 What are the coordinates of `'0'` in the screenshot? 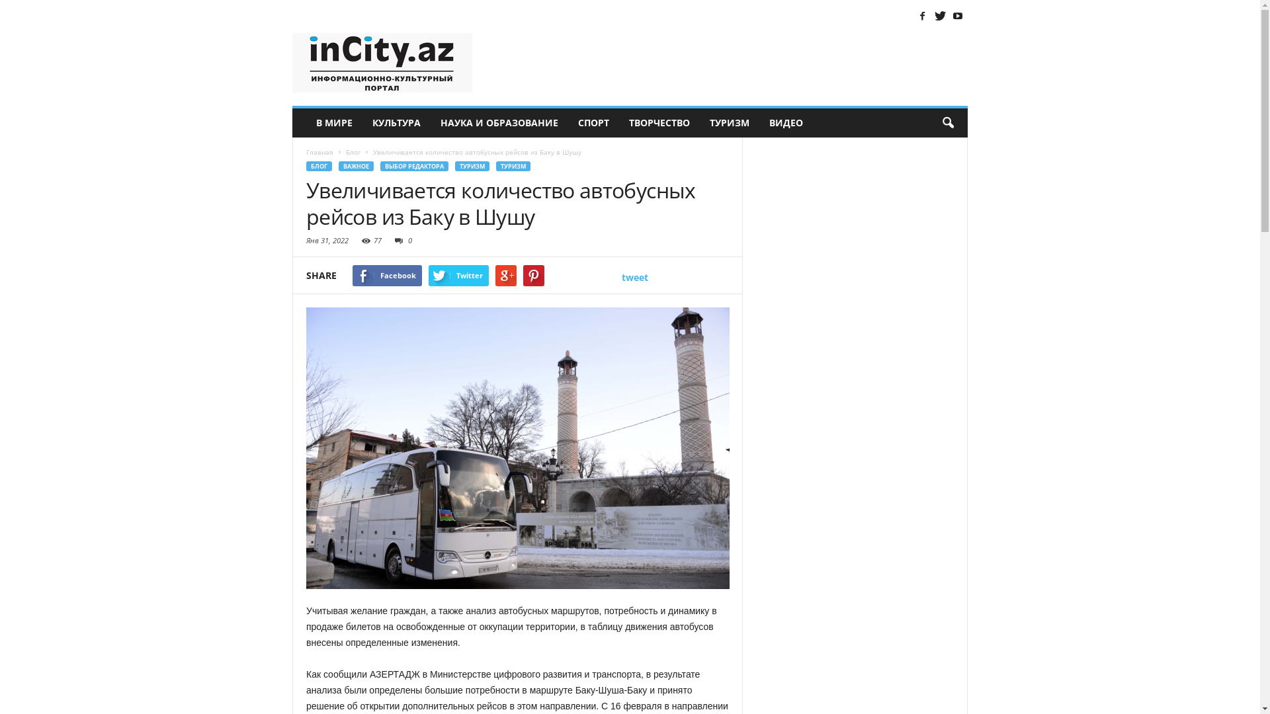 It's located at (400, 240).